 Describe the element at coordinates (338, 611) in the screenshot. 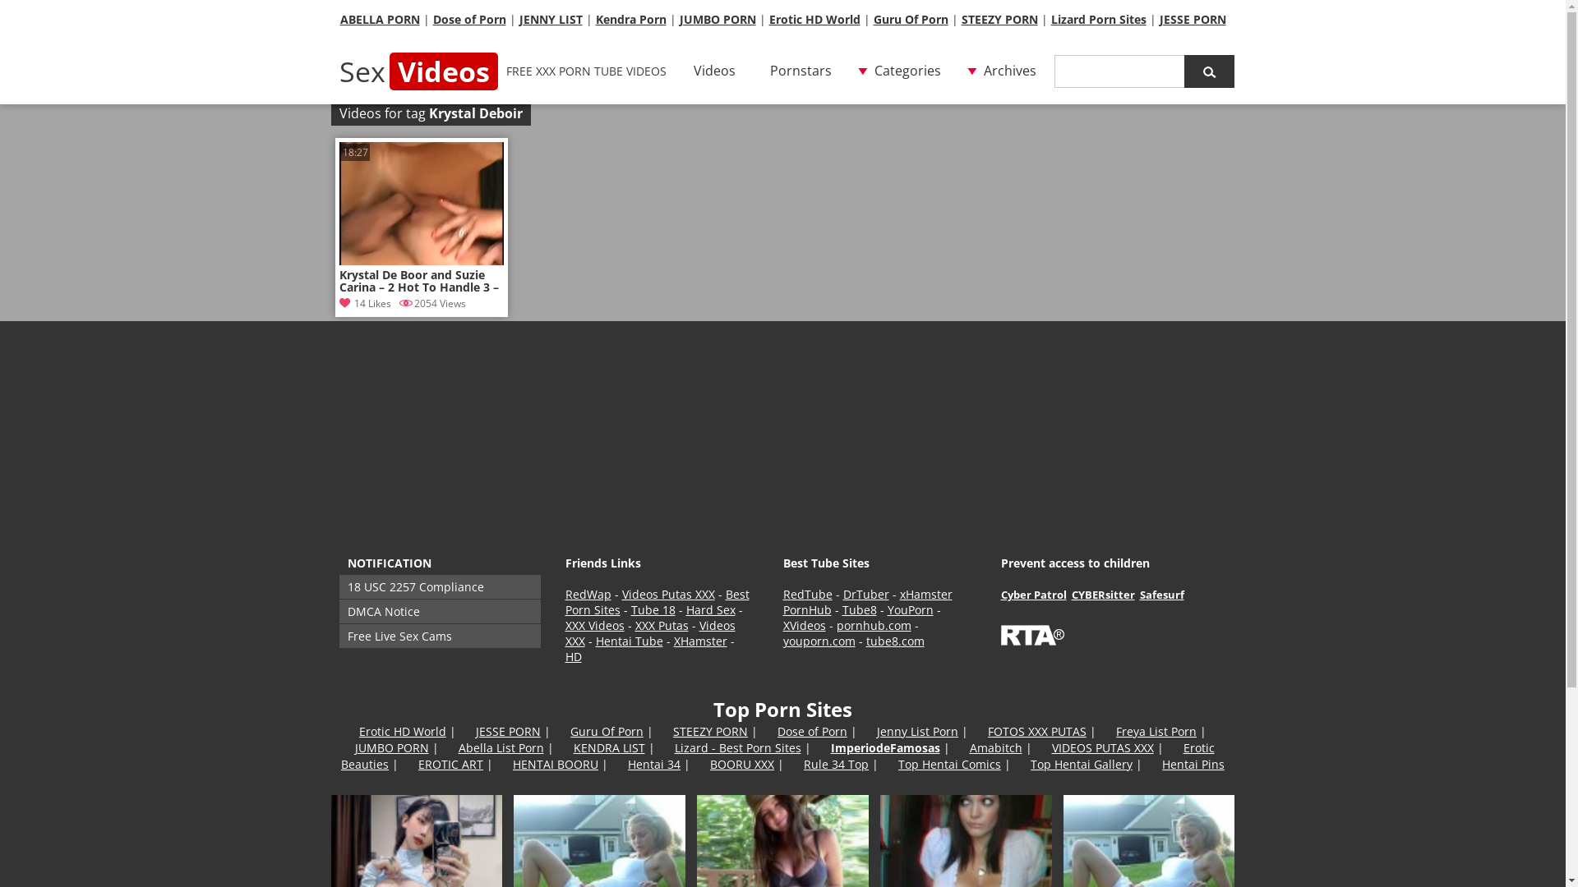

I see `'DMCA Notice'` at that location.